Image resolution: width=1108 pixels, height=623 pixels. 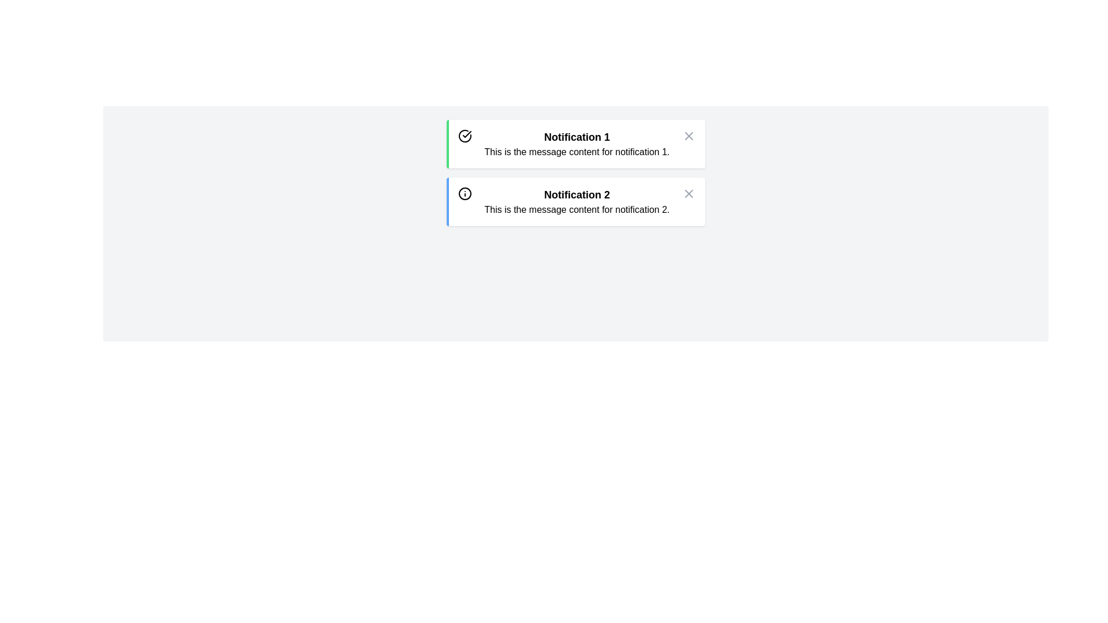 What do you see at coordinates (689, 193) in the screenshot?
I see `the 'X' icon in the top-right corner of the notification card labeled 'Notification 1' to indicate the close or dismiss action` at bounding box center [689, 193].